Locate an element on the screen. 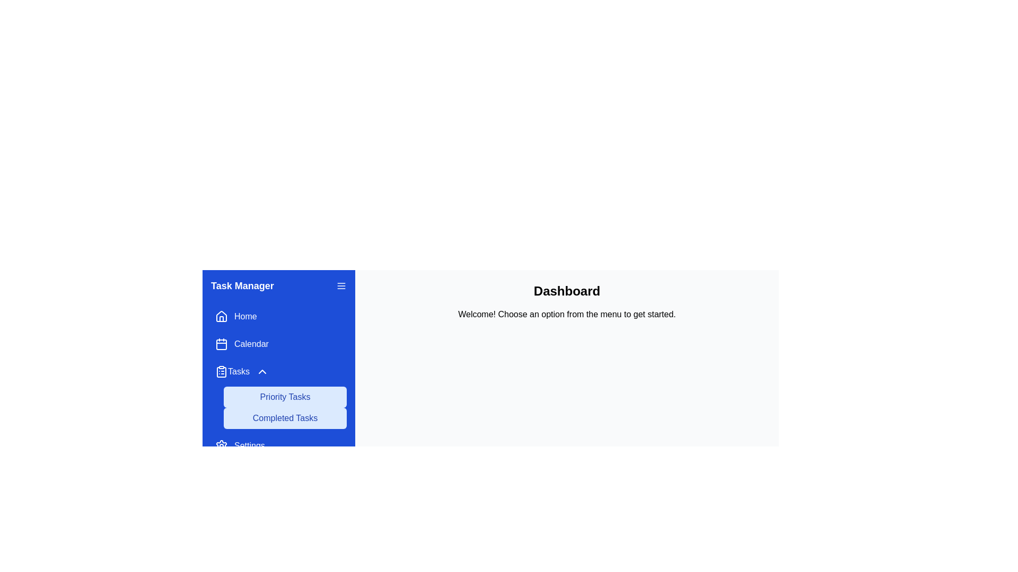 This screenshot has height=572, width=1018. the 'Settings' icon located at the bottom of the leftmost sidebar navigation panel is located at coordinates (221, 445).